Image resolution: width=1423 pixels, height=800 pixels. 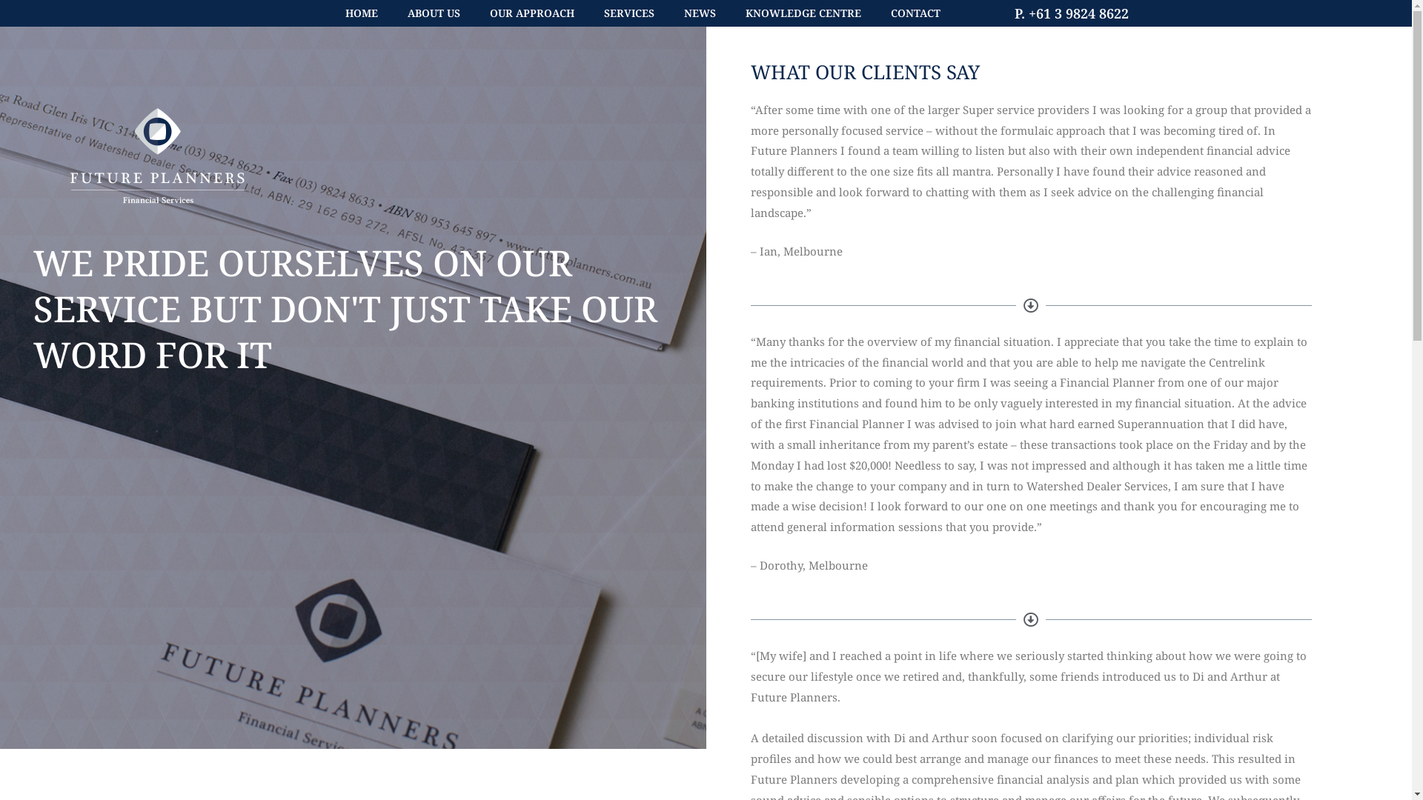 I want to click on 'KNOWLEDGE CENTRE', so click(x=803, y=13).